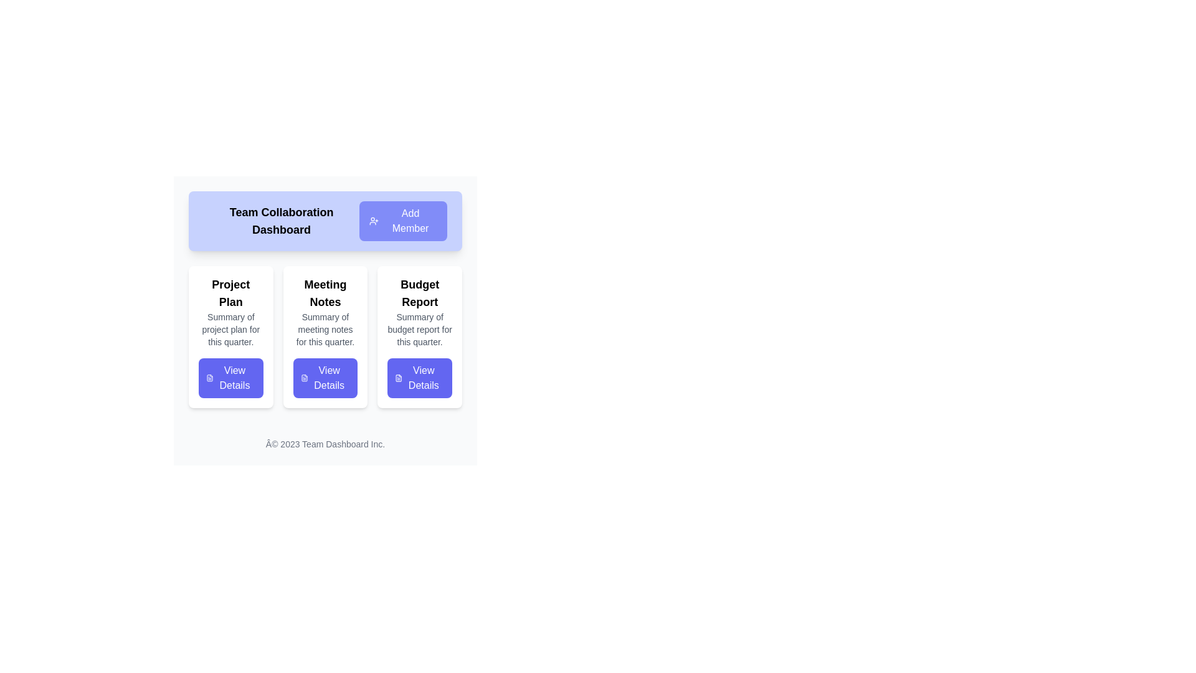  What do you see at coordinates (373, 220) in the screenshot?
I see `the small vector icon styled as an outline of a person with a '+' sign, which is located to the left of the 'Add Member' text on the button with rounded corners and purple background` at bounding box center [373, 220].